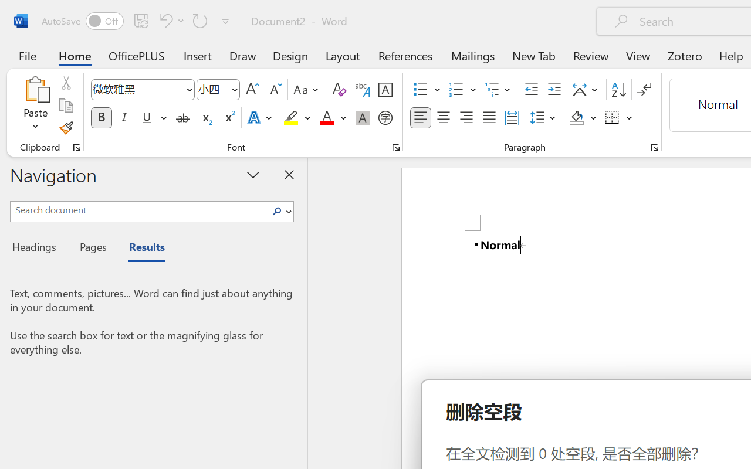 This screenshot has height=469, width=751. What do you see at coordinates (260, 118) in the screenshot?
I see `'Text Effects and Typography'` at bounding box center [260, 118].